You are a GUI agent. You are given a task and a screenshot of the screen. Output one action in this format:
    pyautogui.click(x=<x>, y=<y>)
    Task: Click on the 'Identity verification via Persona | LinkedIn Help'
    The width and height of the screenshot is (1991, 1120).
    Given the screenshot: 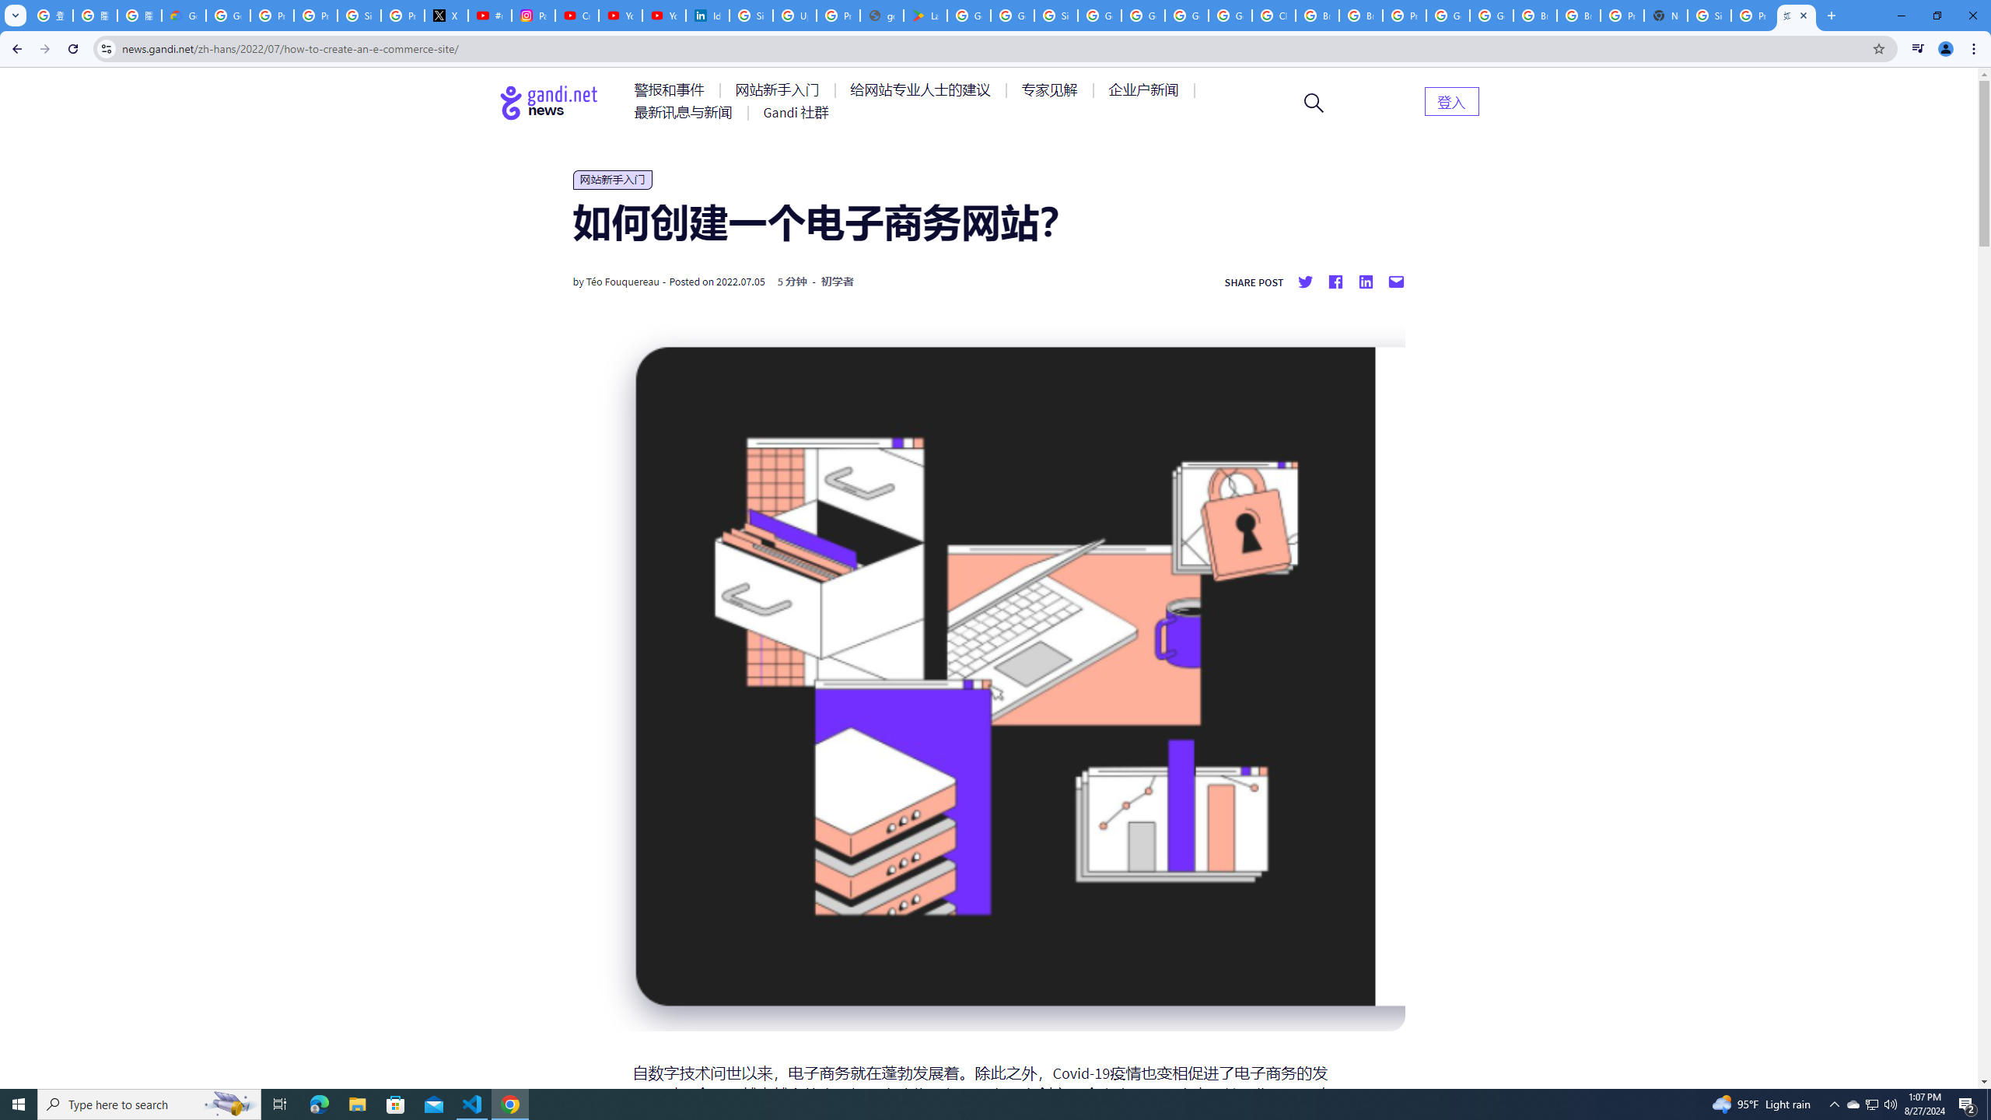 What is the action you would take?
    pyautogui.click(x=707, y=15)
    